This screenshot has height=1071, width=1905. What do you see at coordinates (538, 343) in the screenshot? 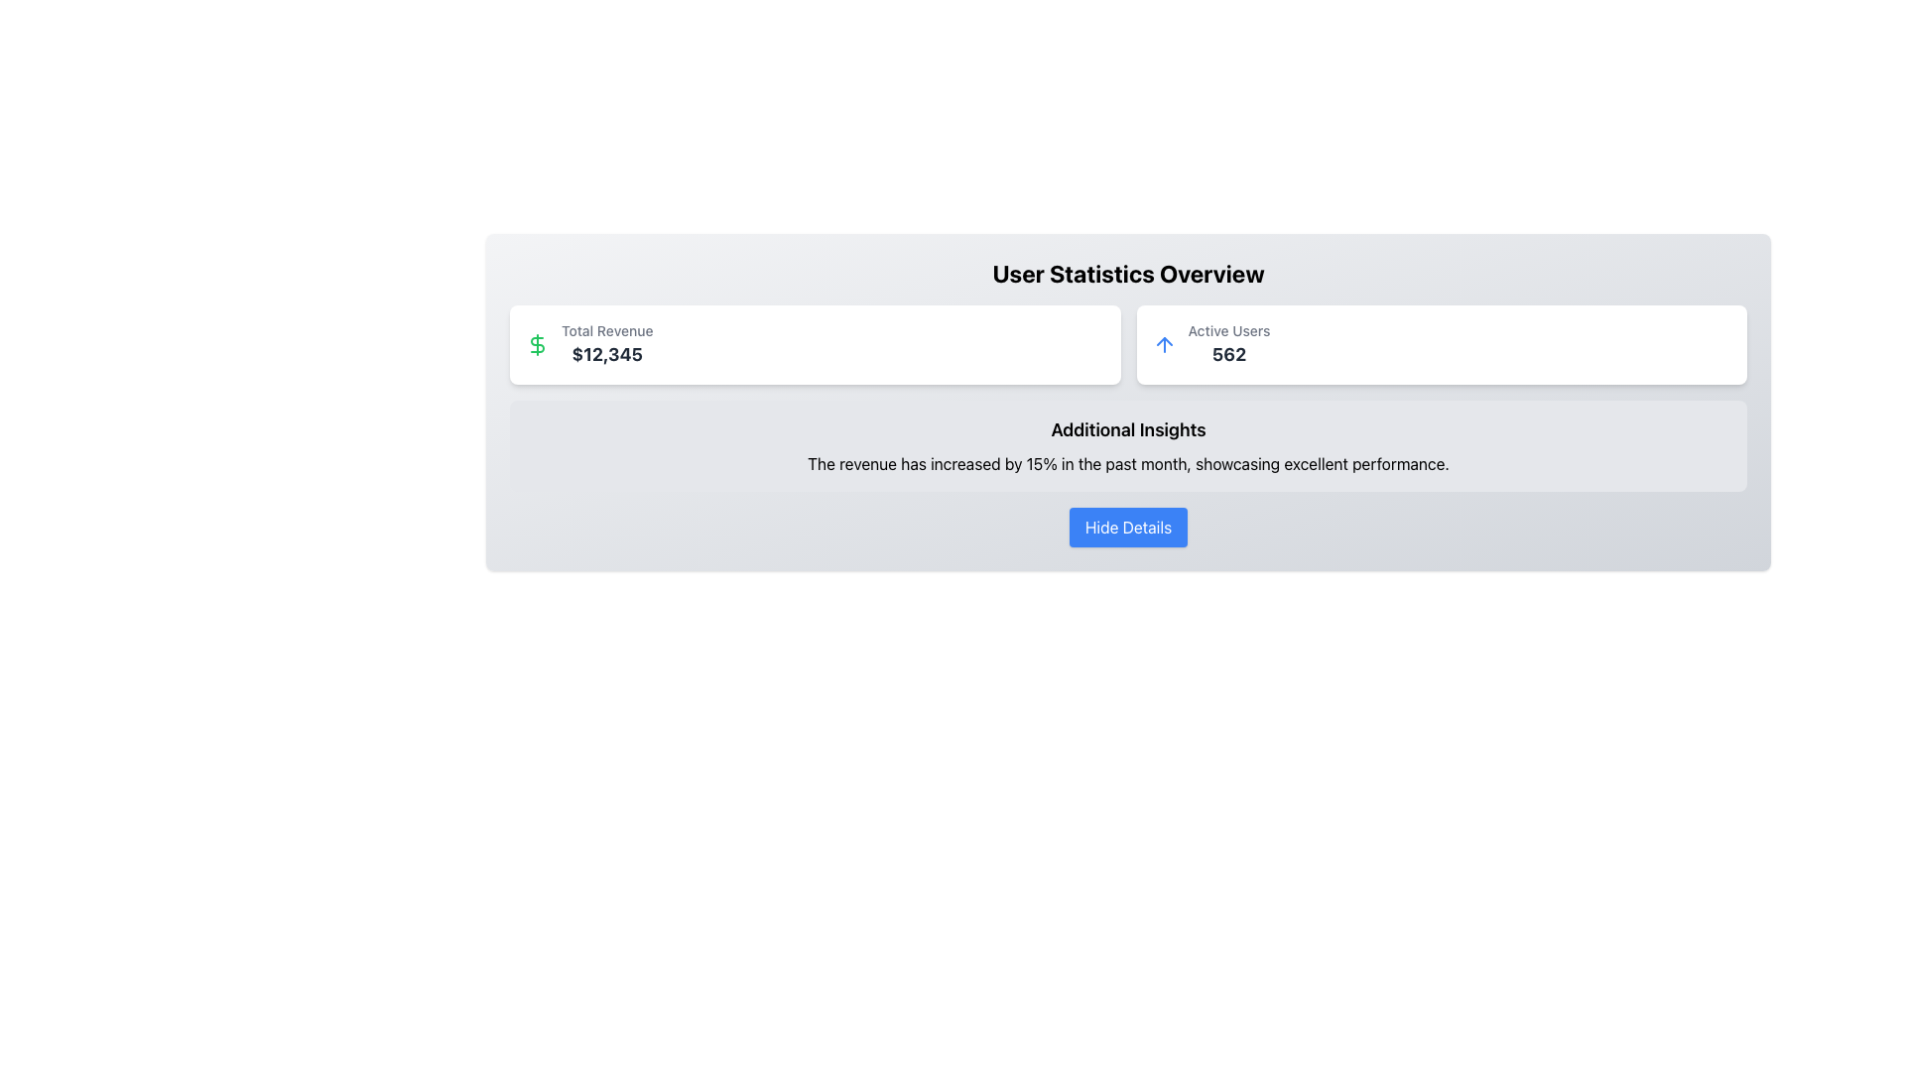
I see `the circular dollar sign icon styled in green color with a stroke outline, located adjacent to the 'Total Revenue' label on the white background card` at bounding box center [538, 343].